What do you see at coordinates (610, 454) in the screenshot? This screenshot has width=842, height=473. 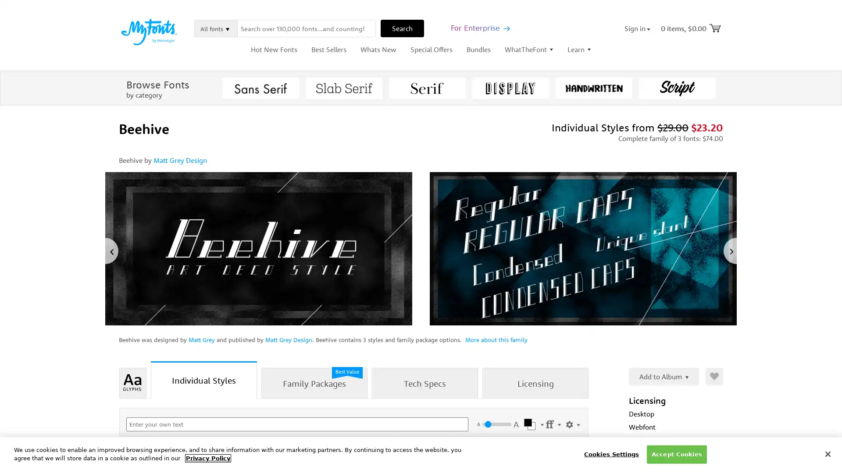 I see `Cookies Settings` at bounding box center [610, 454].